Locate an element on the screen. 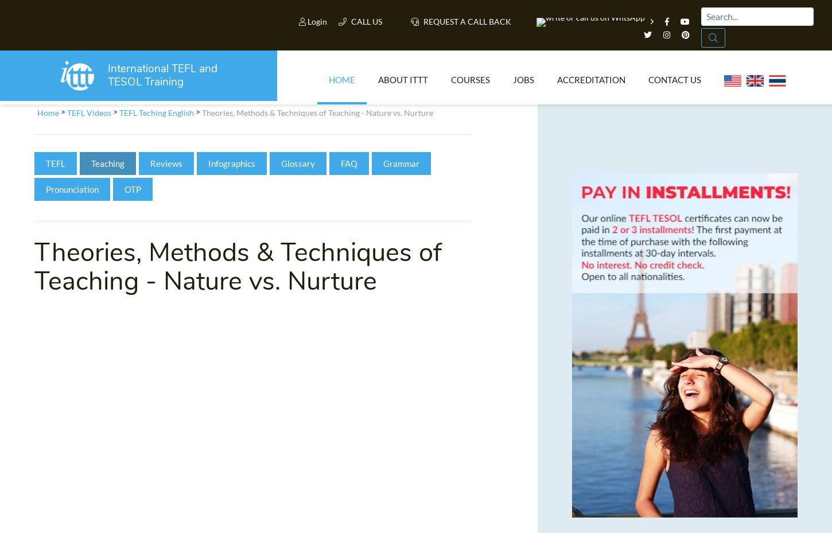 The width and height of the screenshot is (832, 533). 'International TEFL and TESOL Training' is located at coordinates (168, 79).